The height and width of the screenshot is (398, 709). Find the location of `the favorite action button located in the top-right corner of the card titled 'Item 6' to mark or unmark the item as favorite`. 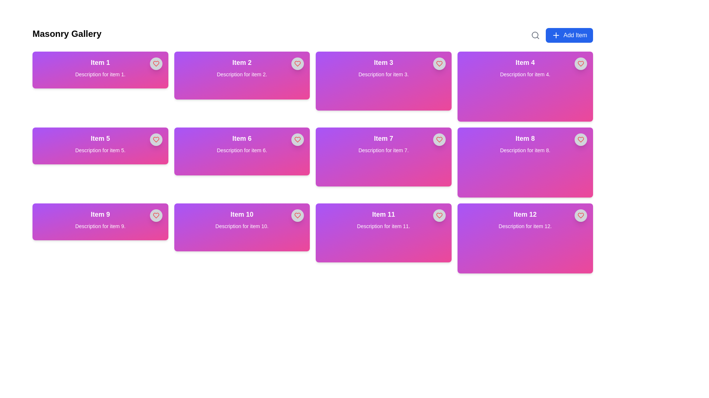

the favorite action button located in the top-right corner of the card titled 'Item 6' to mark or unmark the item as favorite is located at coordinates (298, 139).